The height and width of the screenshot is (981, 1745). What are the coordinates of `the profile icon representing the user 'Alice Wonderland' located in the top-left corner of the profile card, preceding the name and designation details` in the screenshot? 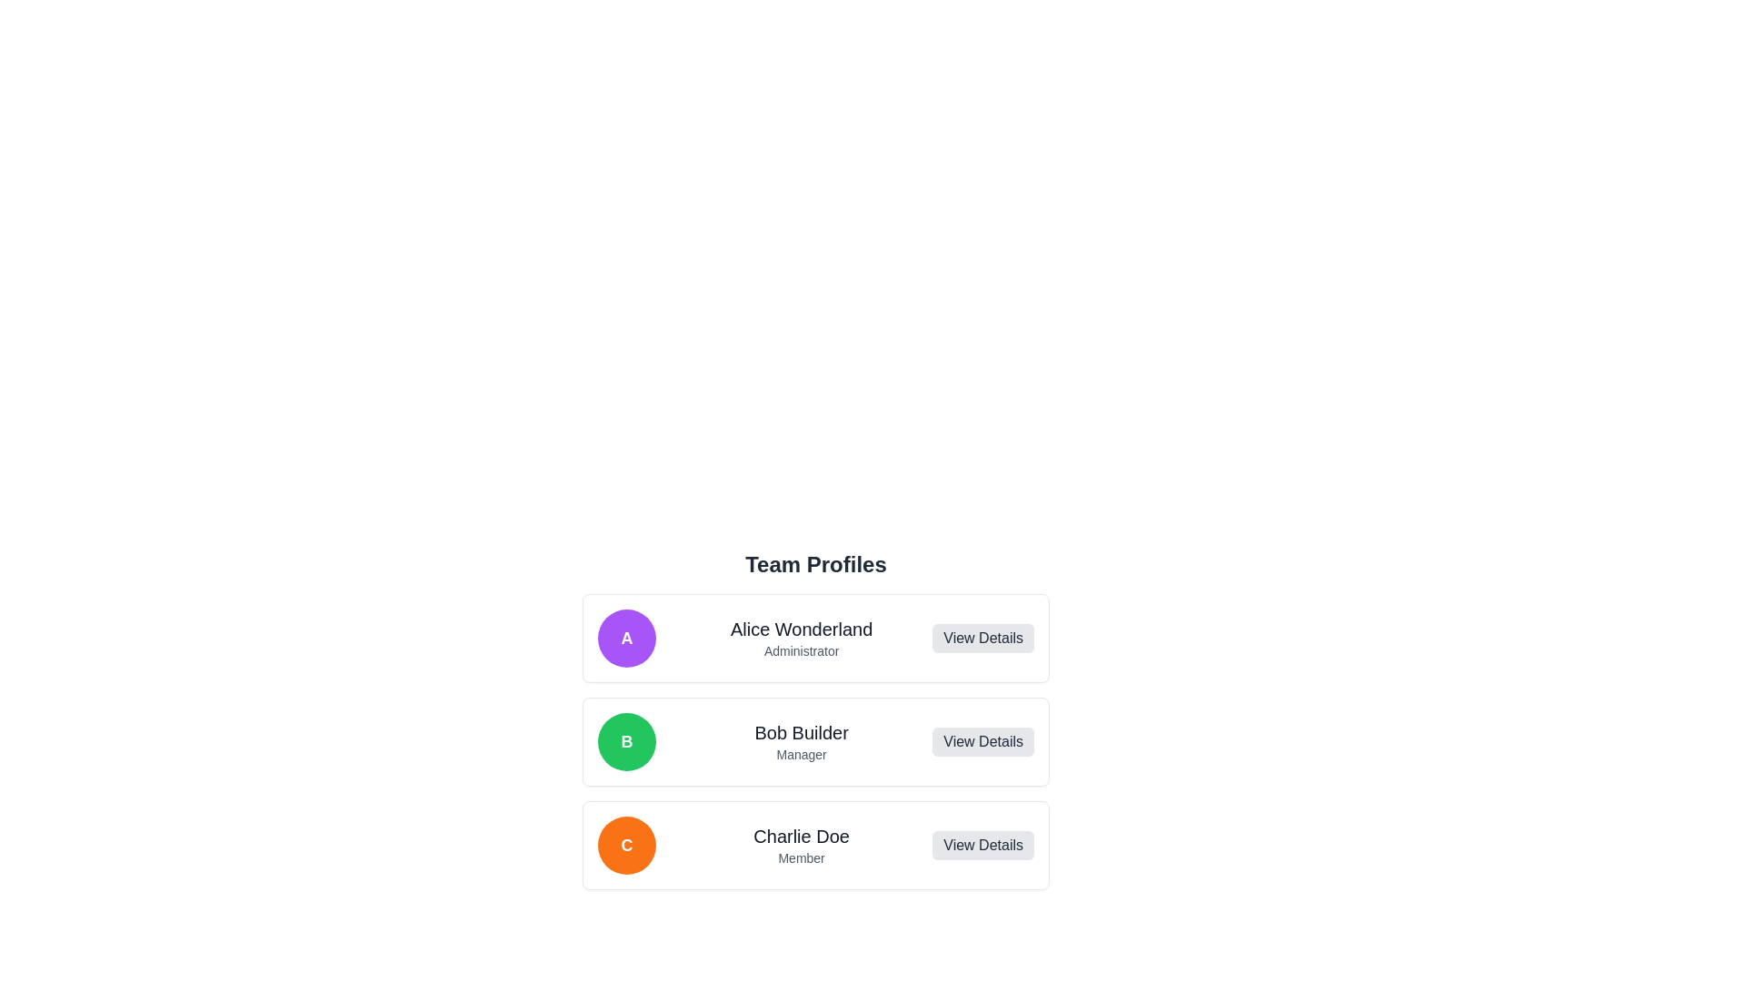 It's located at (627, 637).